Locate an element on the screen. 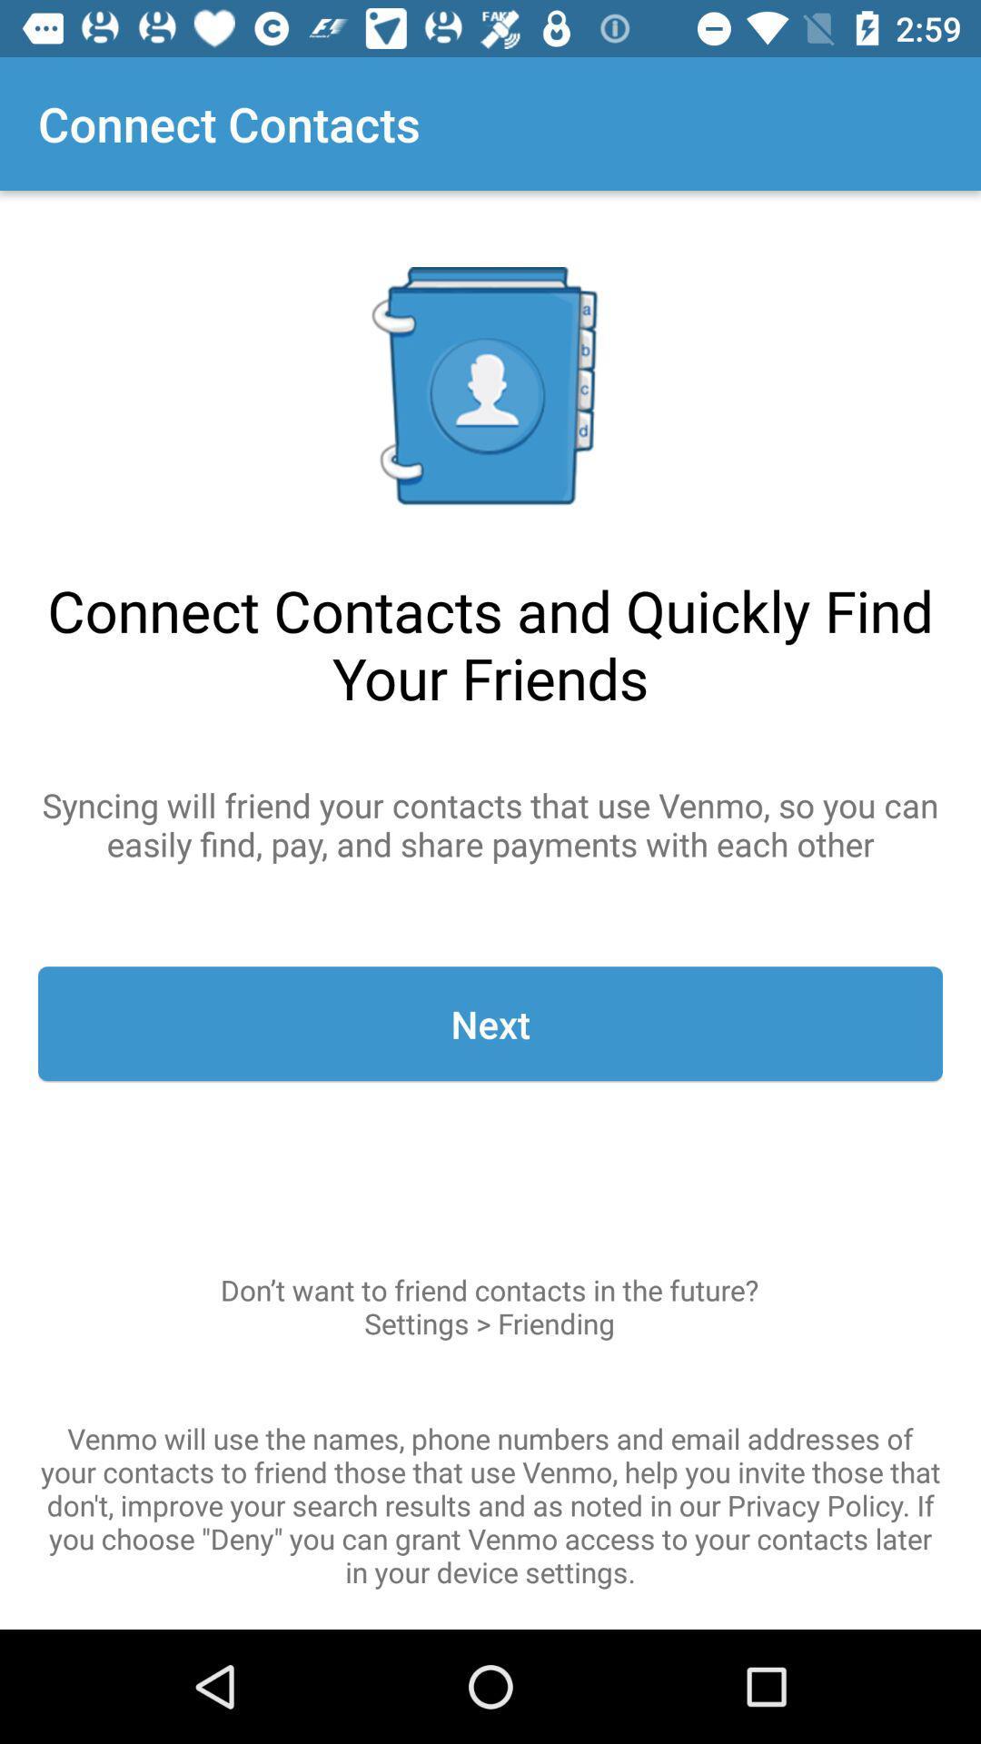 This screenshot has width=981, height=1744. the icon above the don t want icon is located at coordinates (490, 1024).